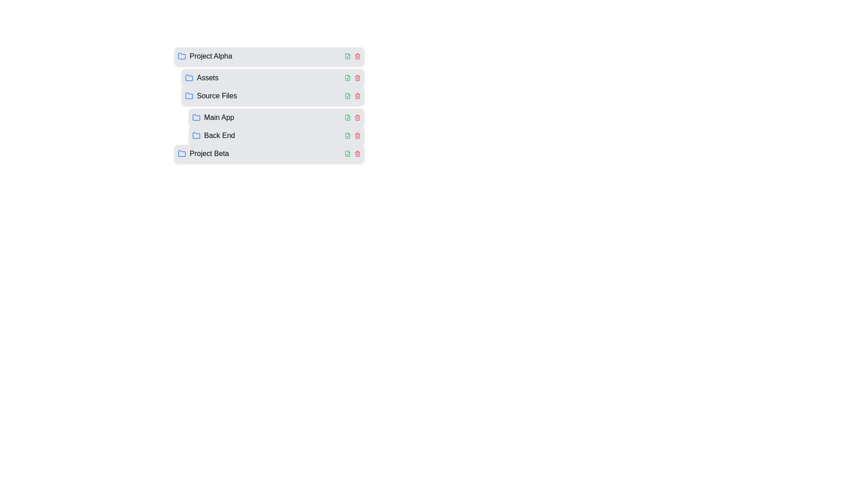 The image size is (867, 487). What do you see at coordinates (347, 96) in the screenshot?
I see `the first icon in the action icons line next to the 'Source Files' folder` at bounding box center [347, 96].